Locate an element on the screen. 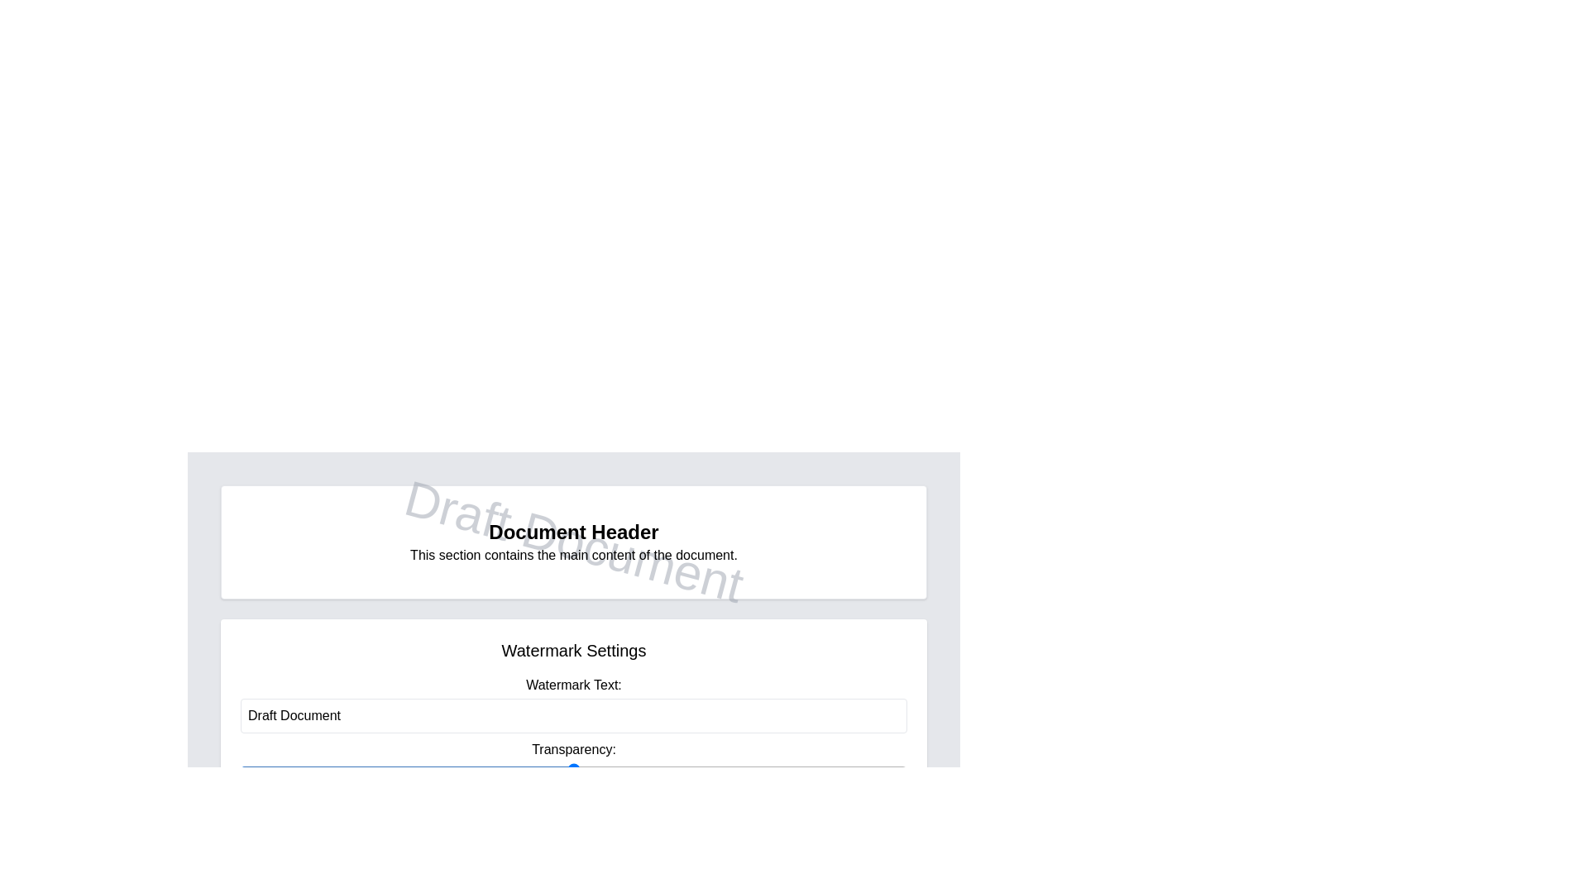 This screenshot has width=1588, height=893. Text Block that contains the header 'Document Header' and the descriptive text underneath it, which explains the main content of the document is located at coordinates (574, 542).